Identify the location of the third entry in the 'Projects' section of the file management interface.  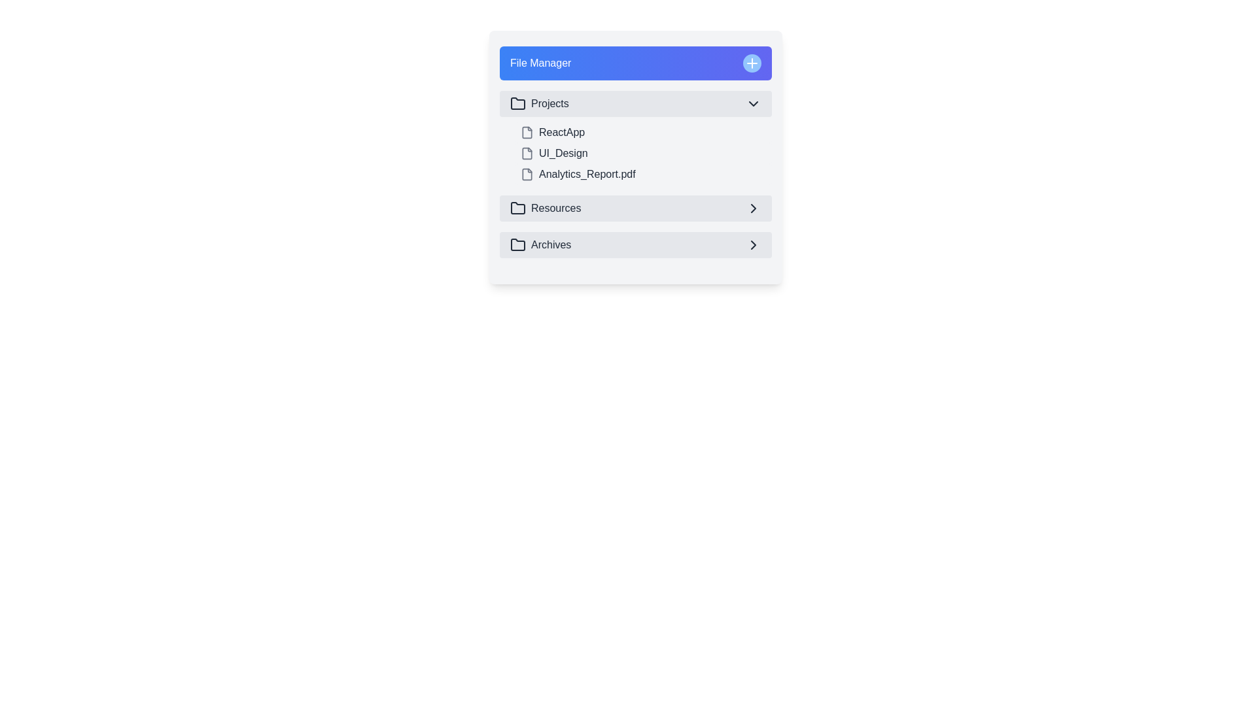
(635, 173).